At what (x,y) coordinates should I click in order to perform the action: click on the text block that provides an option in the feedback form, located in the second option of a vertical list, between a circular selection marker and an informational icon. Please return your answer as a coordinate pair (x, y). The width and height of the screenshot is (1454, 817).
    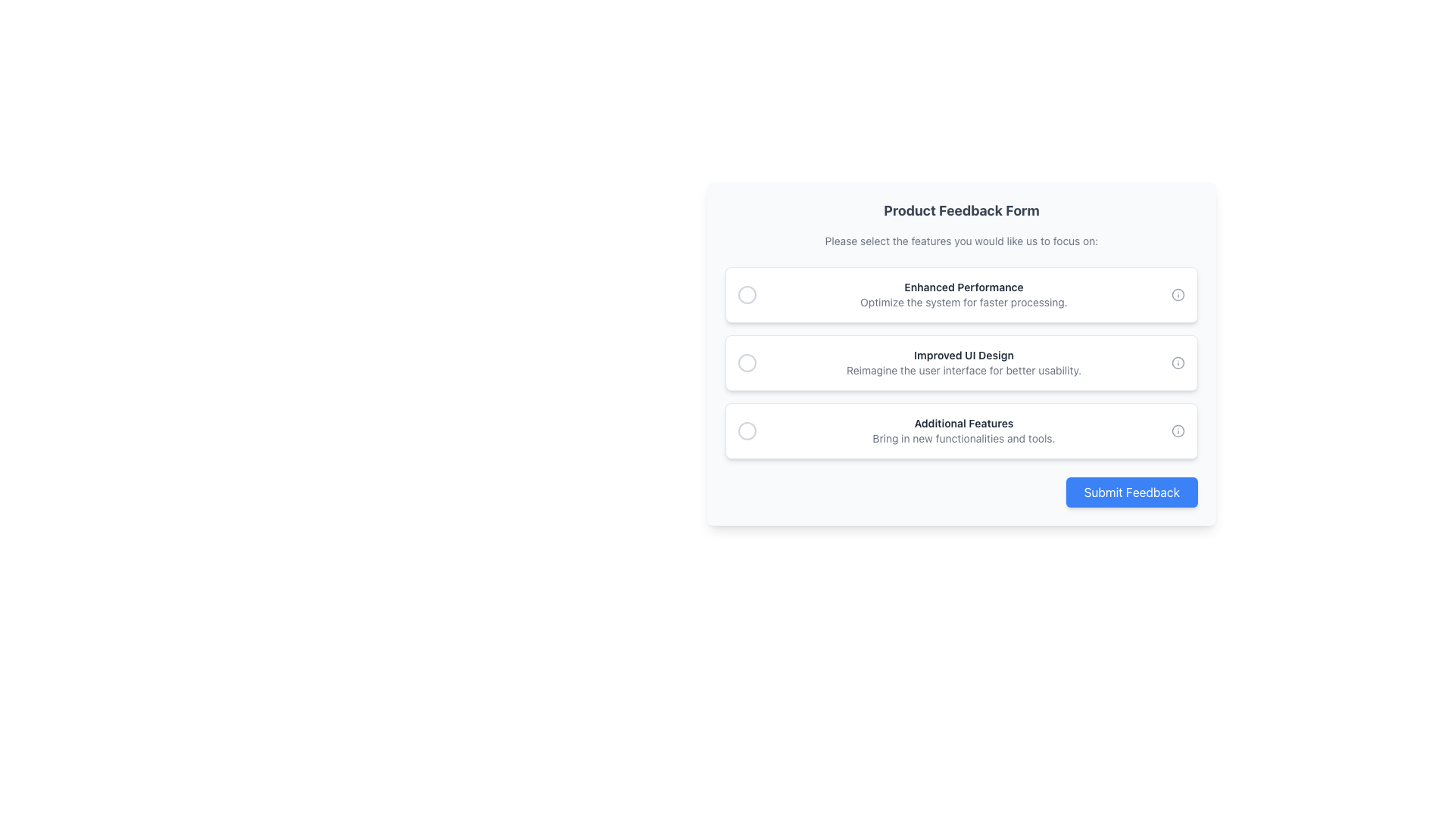
    Looking at the image, I should click on (963, 294).